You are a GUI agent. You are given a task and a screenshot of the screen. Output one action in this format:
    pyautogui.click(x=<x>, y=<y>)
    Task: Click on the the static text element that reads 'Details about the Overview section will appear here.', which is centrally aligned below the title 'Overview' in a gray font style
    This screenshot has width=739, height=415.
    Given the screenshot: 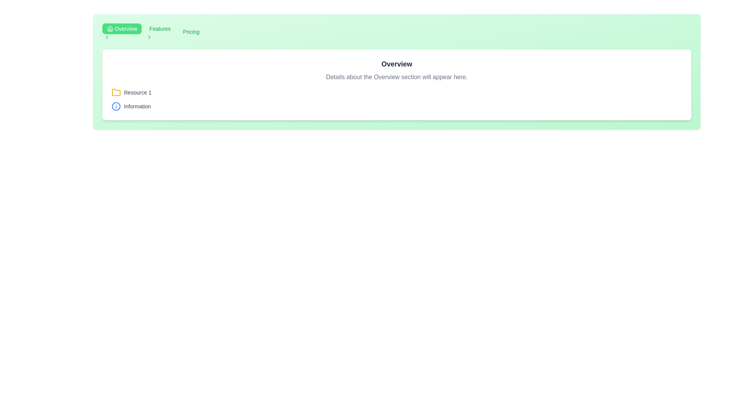 What is the action you would take?
    pyautogui.click(x=397, y=77)
    